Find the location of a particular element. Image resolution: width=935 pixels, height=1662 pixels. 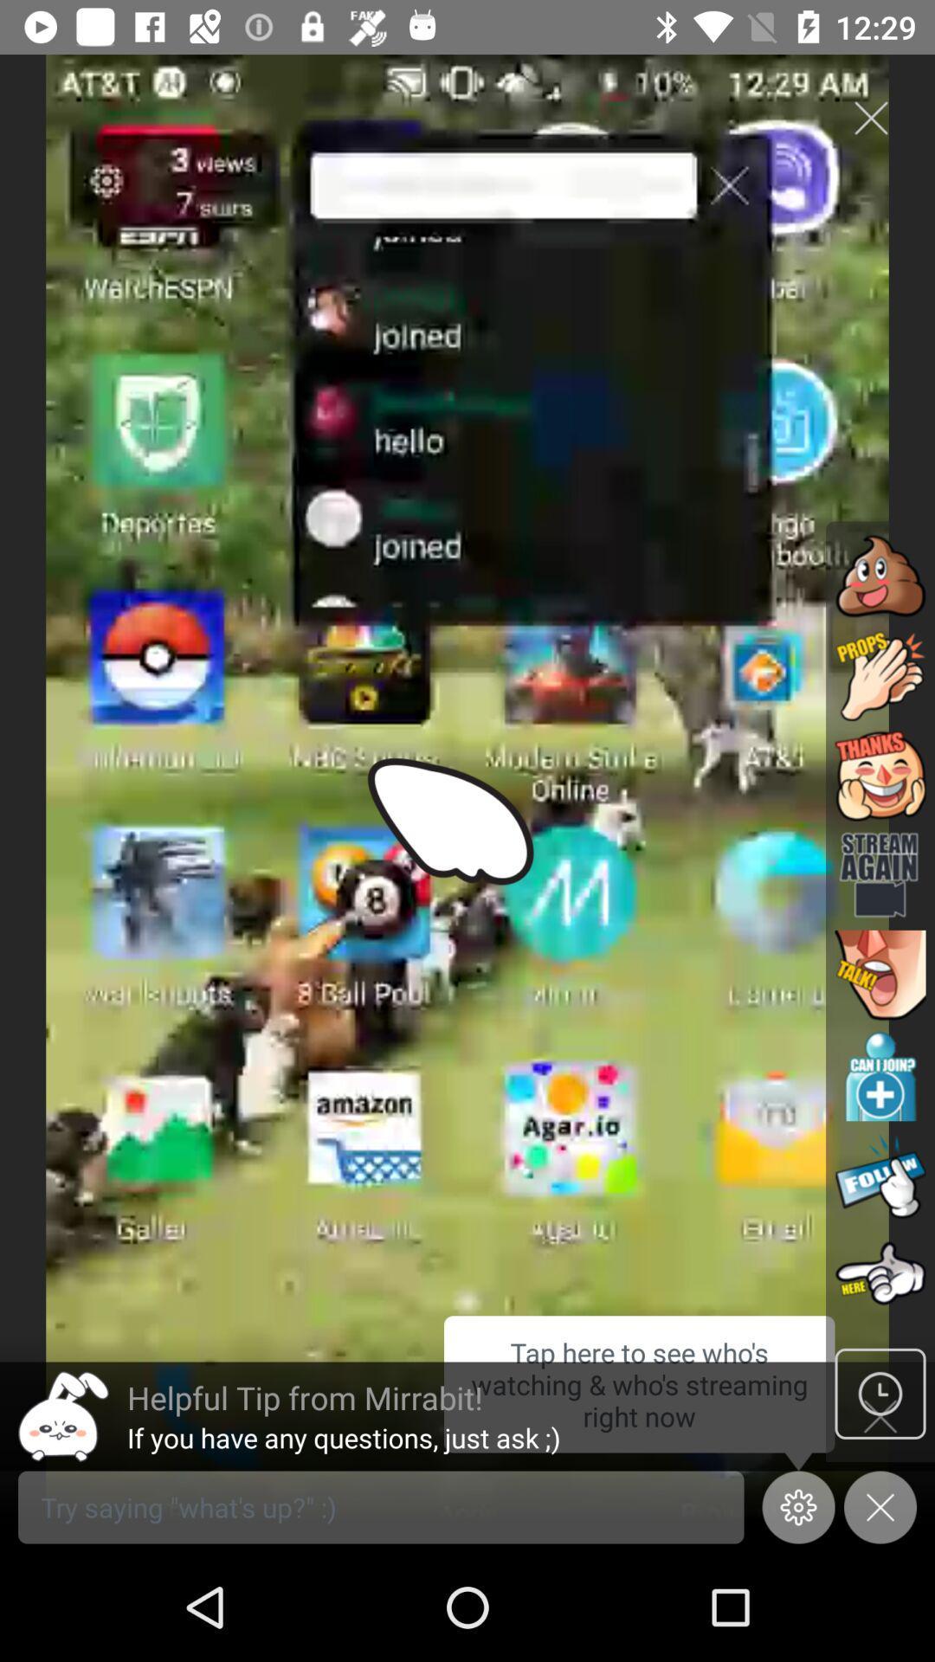

the add icon is located at coordinates (880, 1074).